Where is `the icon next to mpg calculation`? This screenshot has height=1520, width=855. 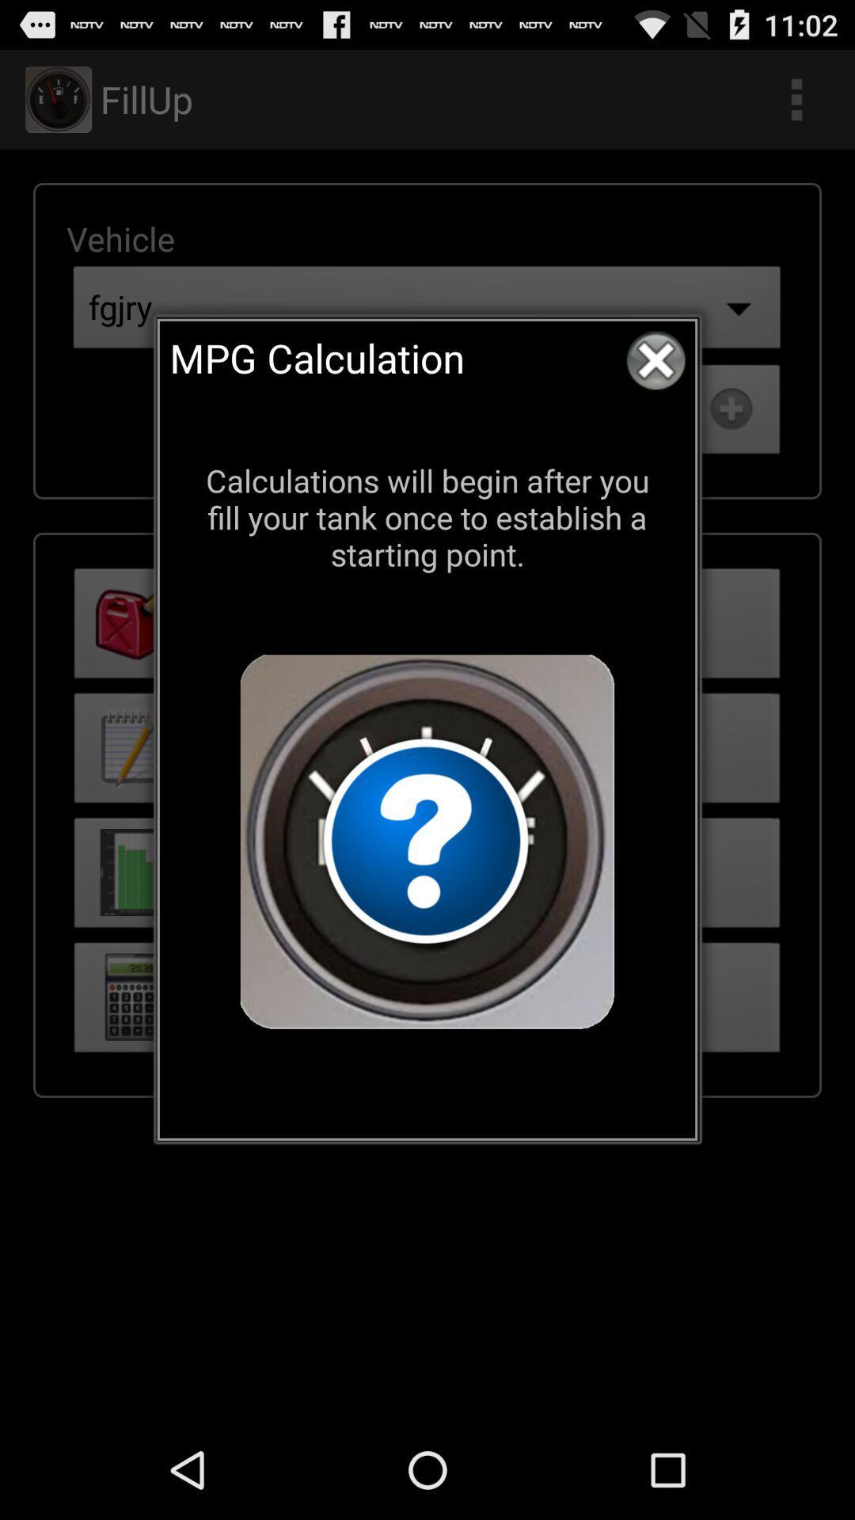 the icon next to mpg calculation is located at coordinates (655, 359).